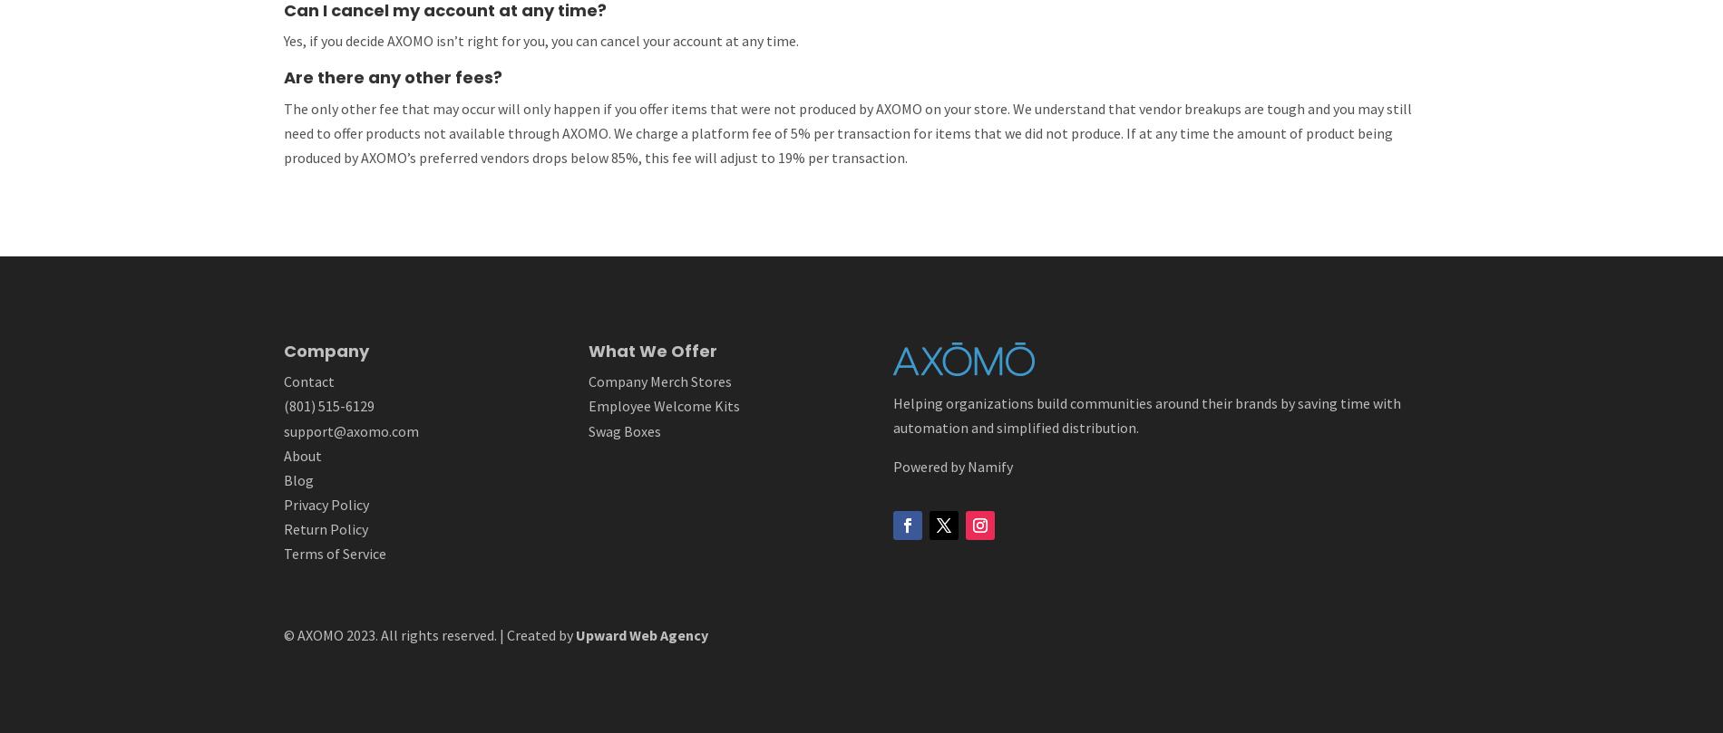  What do you see at coordinates (846, 131) in the screenshot?
I see `'The only other fee that may occur will only happen if you offer items that were not produced by AXOMO on your store. We understand that vendor breakups are tough and you may still need to offer products not available through AXOMO. We charge a platform fee of 5% per transaction for items that we did not produce. If at any time the amount of product being produced by AXOMO’s preferred vendors drops below 85%, this fee will adjust to 19% per transaction.'` at bounding box center [846, 131].